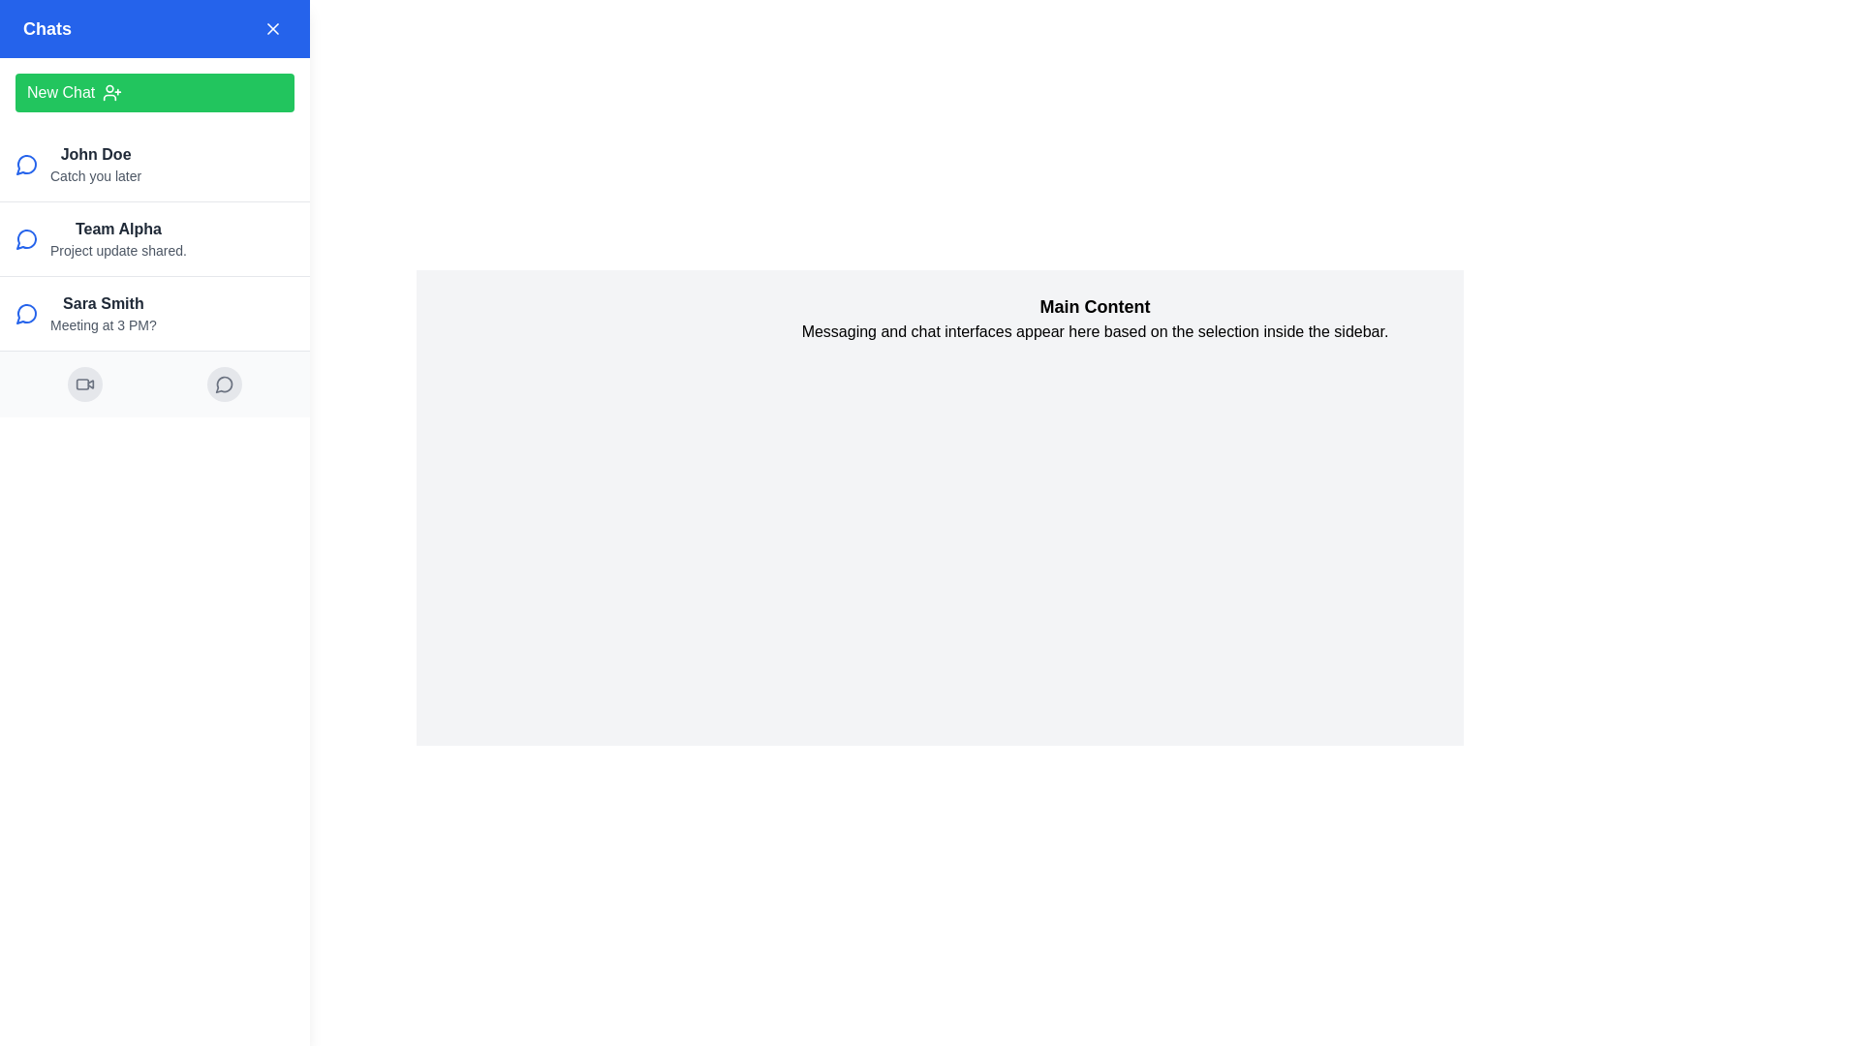 This screenshot has height=1046, width=1860. What do you see at coordinates (117, 249) in the screenshot?
I see `the static text component displaying 'Project update shared.' which is styled in a small gray font and located below the 'Team Alpha' heading` at bounding box center [117, 249].